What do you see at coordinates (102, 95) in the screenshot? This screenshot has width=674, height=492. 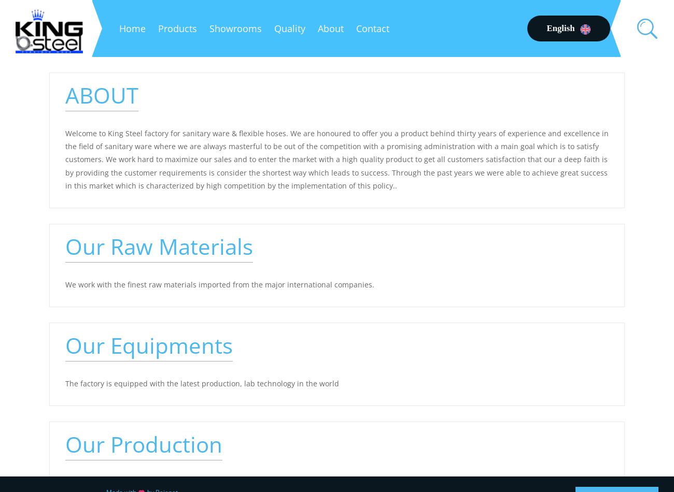 I see `'ABOUT'` at bounding box center [102, 95].